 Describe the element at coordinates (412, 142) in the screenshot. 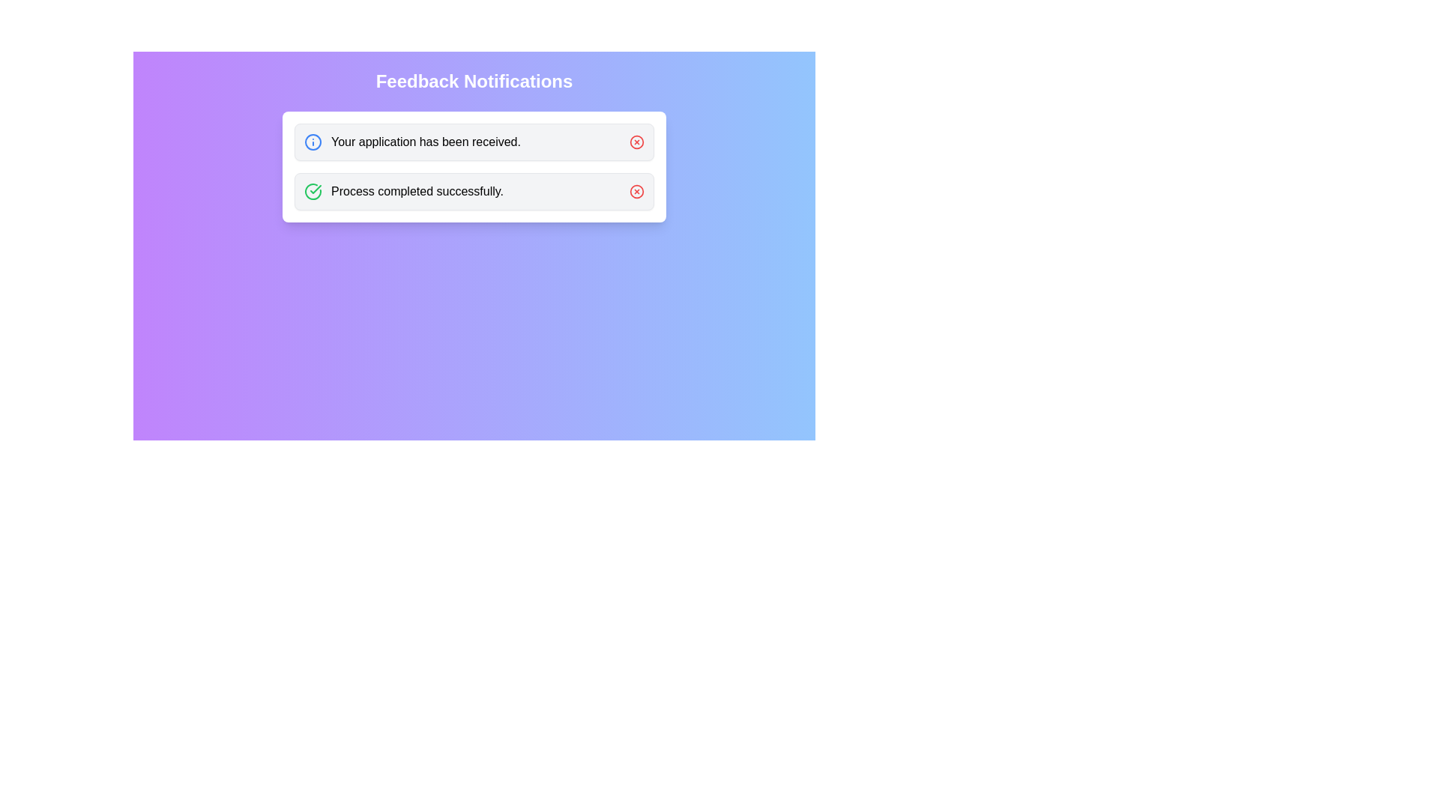

I see `informational message displayed in the Text with Icon element located above the message 'Process completed successfully.'` at that location.